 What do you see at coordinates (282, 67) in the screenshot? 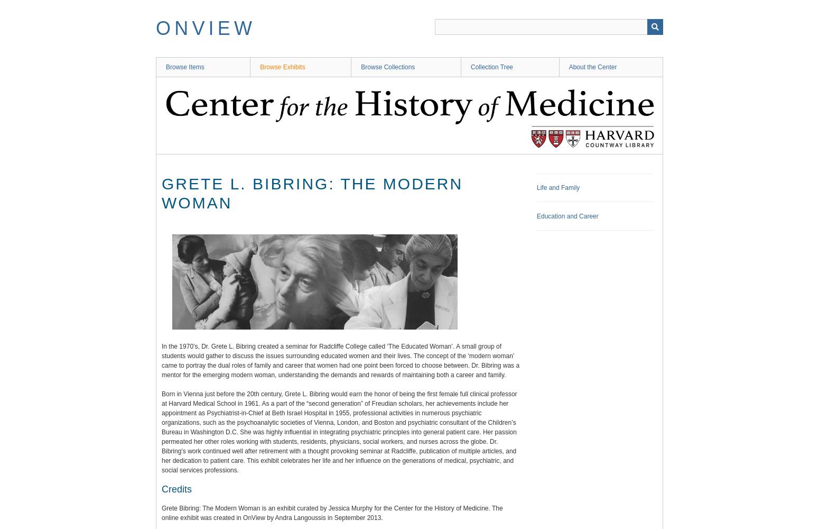
I see `'Browse Exhibits'` at bounding box center [282, 67].